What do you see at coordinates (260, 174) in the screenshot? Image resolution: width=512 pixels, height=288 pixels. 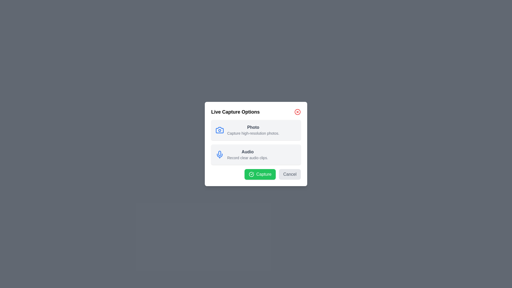 I see `the 'Capture' button to confirm the selection` at bounding box center [260, 174].